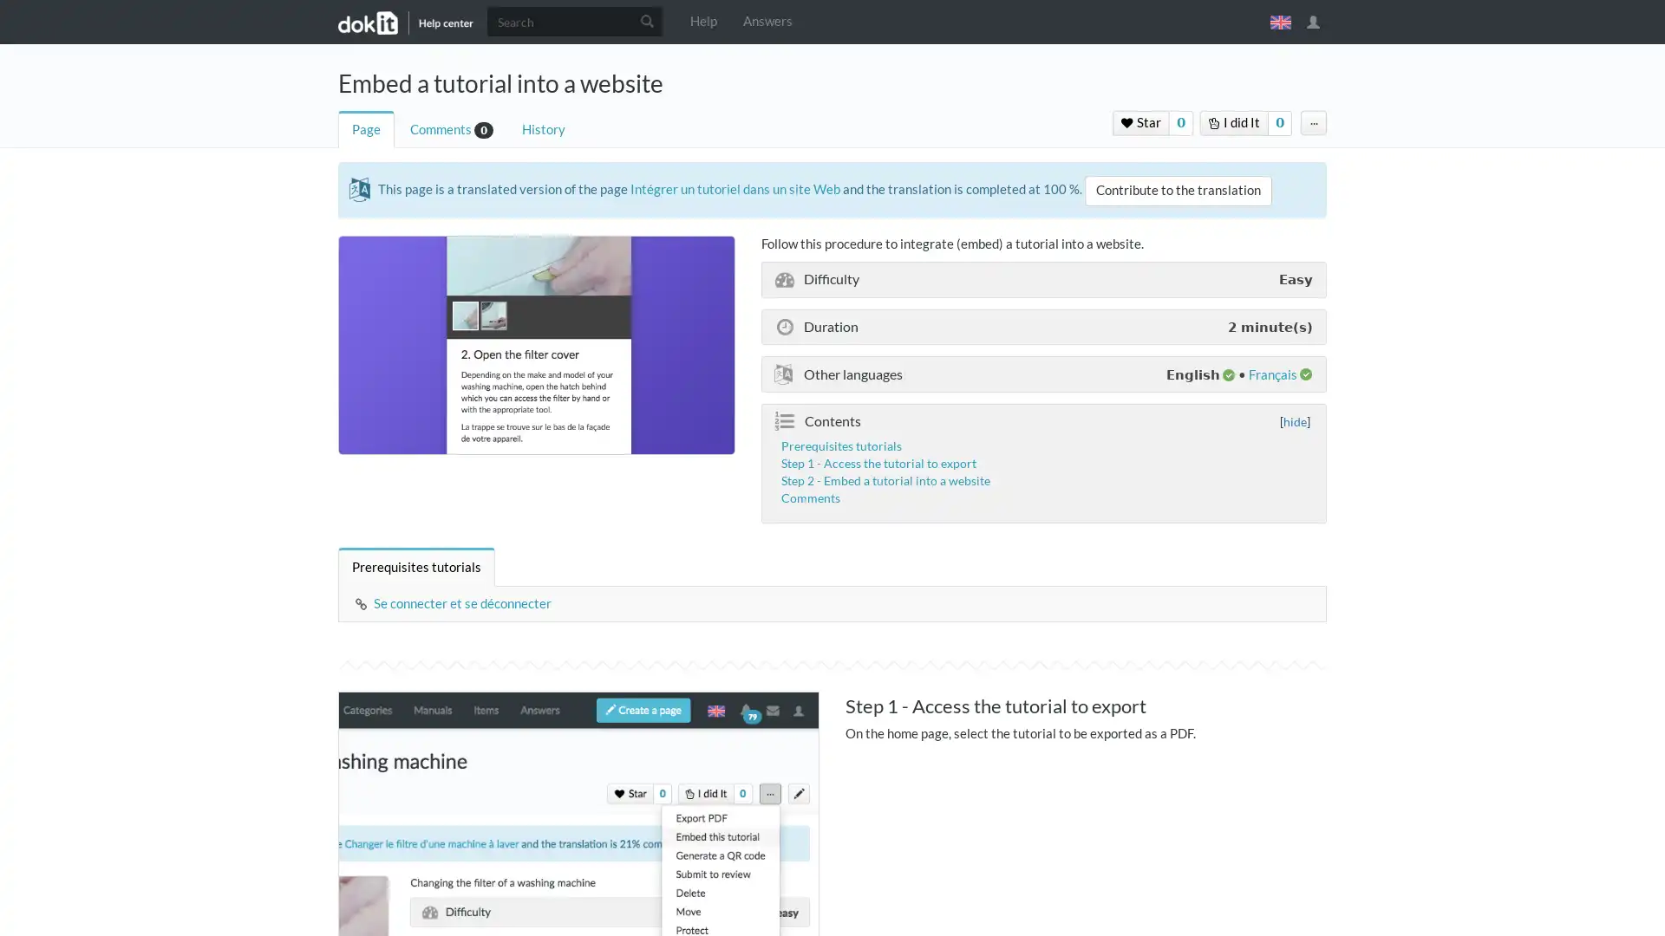 The image size is (1665, 936). I want to click on Star, so click(1140, 122).